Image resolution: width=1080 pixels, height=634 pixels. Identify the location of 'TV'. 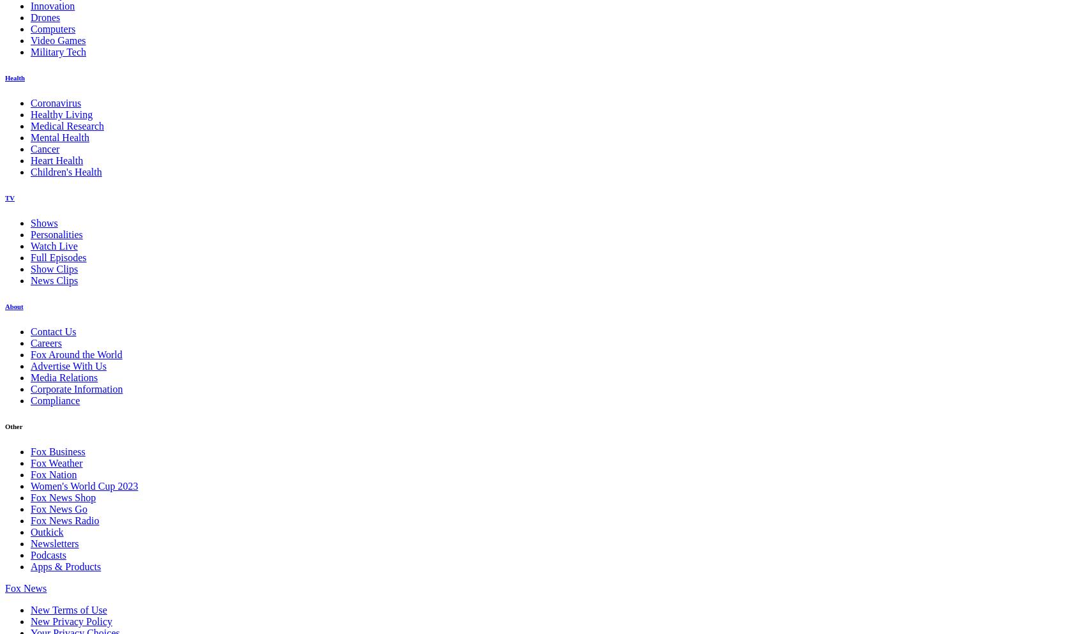
(9, 197).